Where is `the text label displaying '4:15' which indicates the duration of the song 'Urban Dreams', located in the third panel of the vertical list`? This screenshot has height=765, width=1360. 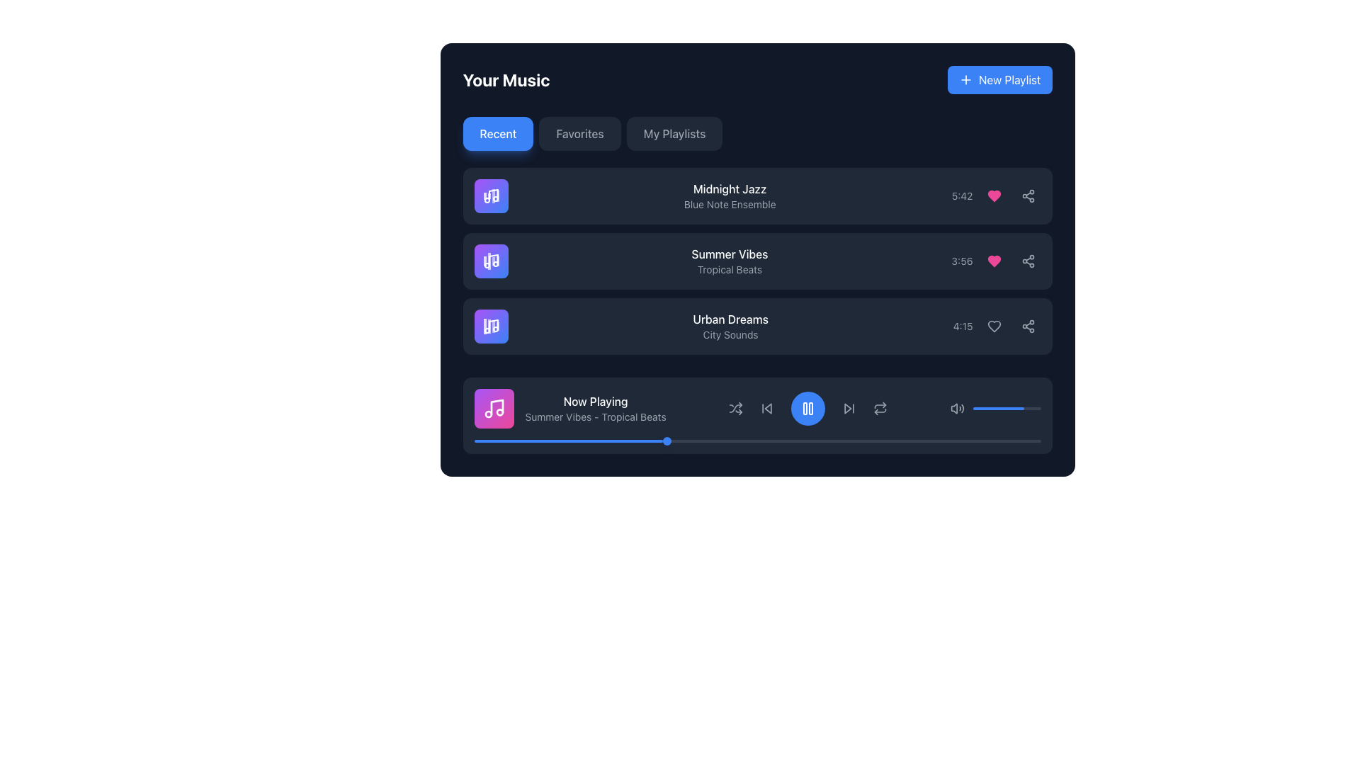
the text label displaying '4:15' which indicates the duration of the song 'Urban Dreams', located in the third panel of the vertical list is located at coordinates (963, 327).